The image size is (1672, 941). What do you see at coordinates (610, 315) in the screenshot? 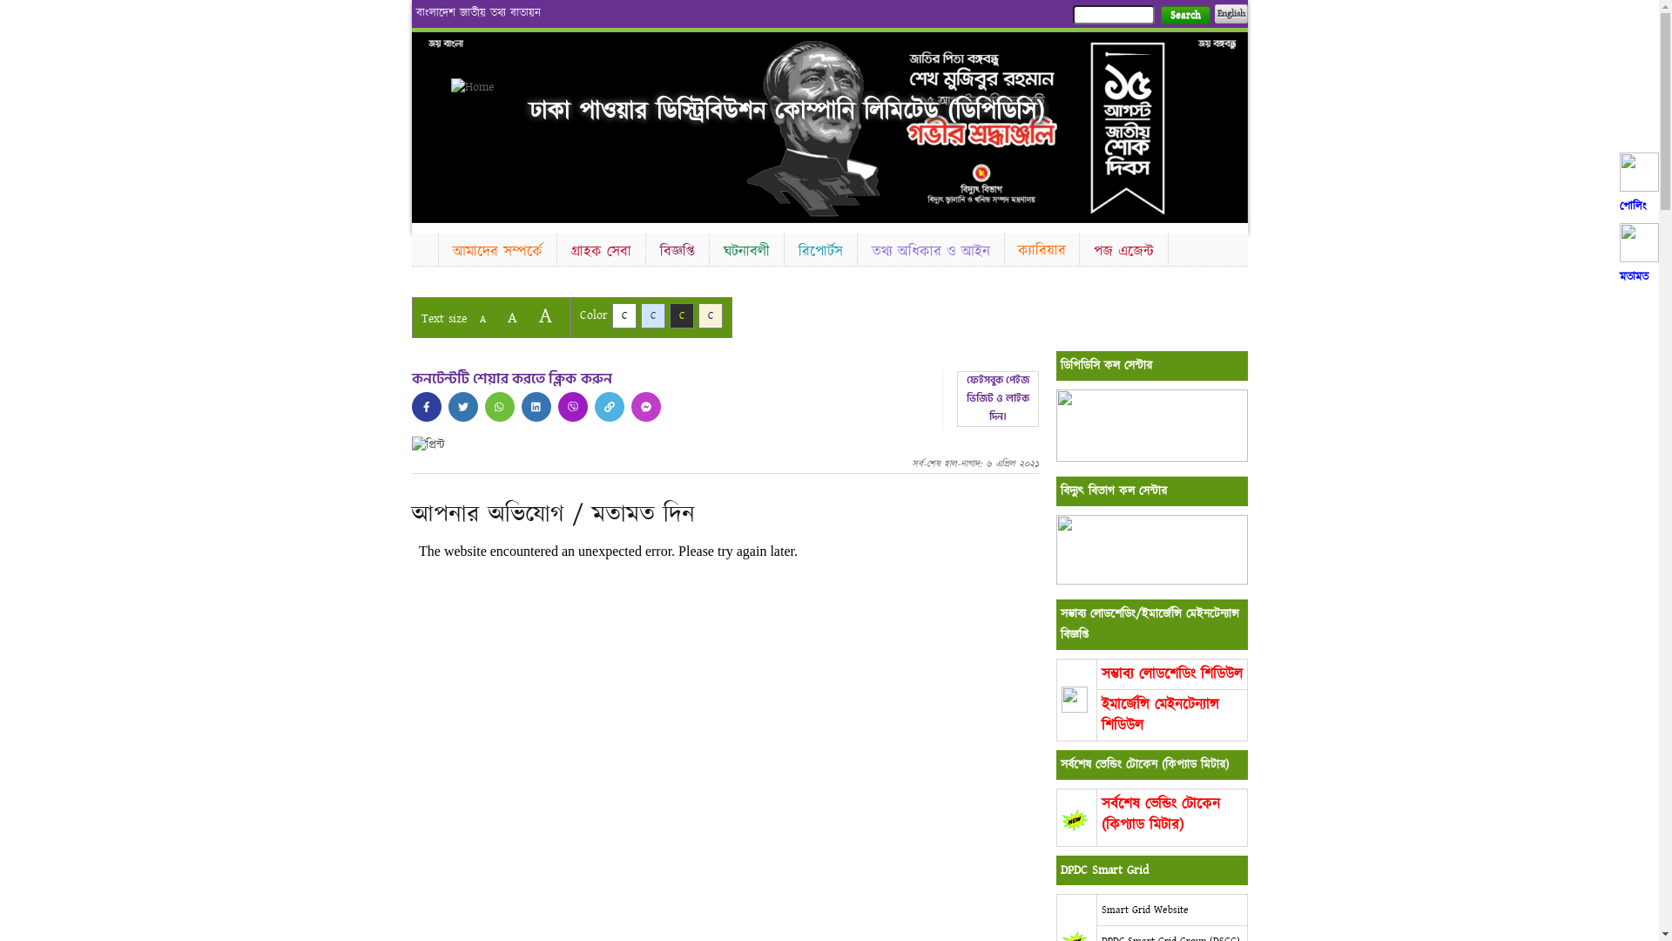
I see `'C'` at bounding box center [610, 315].